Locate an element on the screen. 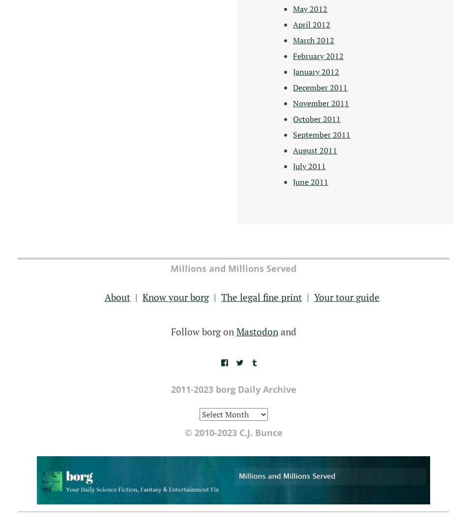 This screenshot has width=467, height=529. 'About' is located at coordinates (117, 297).